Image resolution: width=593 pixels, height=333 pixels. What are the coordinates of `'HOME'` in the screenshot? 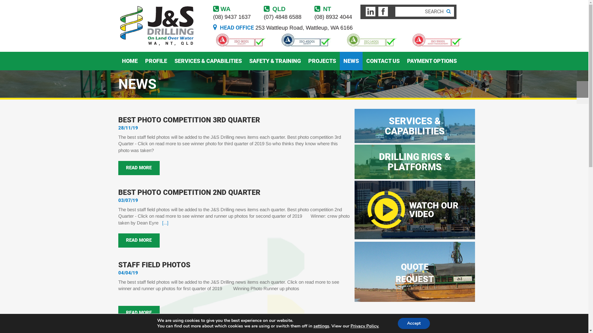 It's located at (129, 61).